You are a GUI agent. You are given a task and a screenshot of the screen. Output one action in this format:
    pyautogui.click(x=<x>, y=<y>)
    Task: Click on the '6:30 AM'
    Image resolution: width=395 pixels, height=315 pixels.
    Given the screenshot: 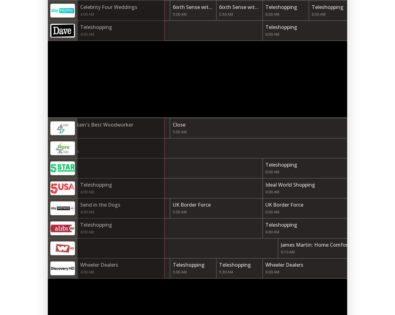 What is the action you would take?
    pyautogui.click(x=318, y=14)
    